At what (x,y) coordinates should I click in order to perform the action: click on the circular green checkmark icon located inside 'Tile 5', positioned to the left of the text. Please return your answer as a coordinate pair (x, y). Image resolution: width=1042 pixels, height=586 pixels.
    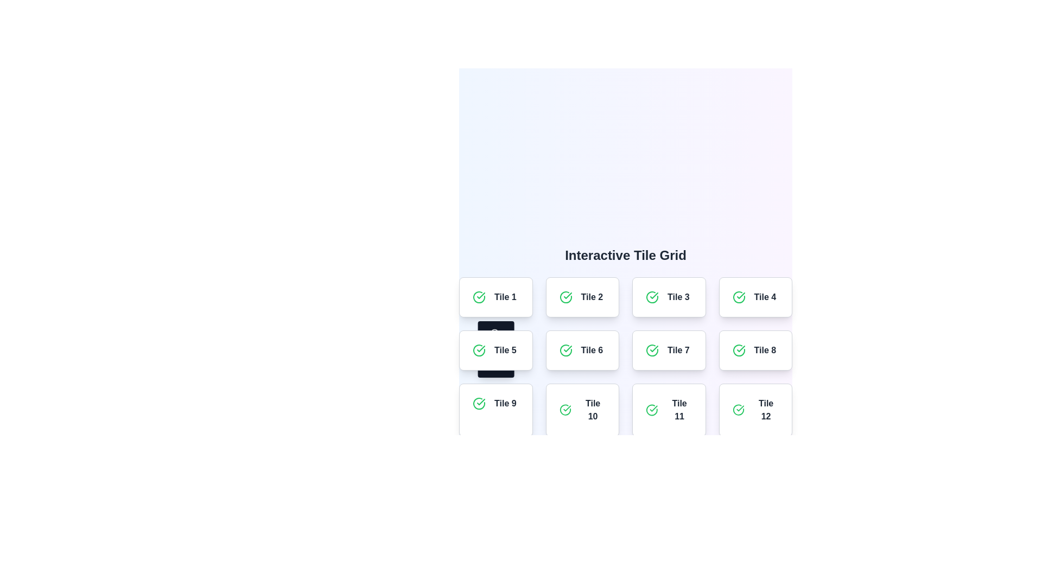
    Looking at the image, I should click on (479, 350).